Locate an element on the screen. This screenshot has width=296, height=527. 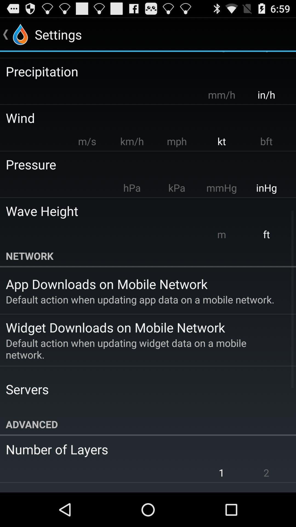
wave height icon is located at coordinates (144, 211).